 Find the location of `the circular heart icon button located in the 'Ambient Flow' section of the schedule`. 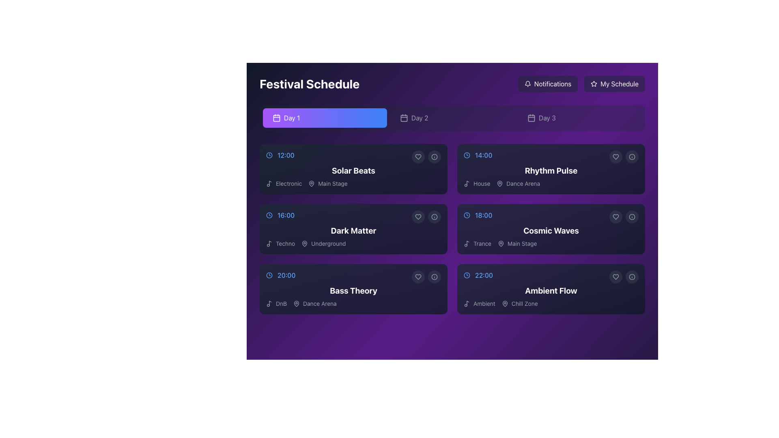

the circular heart icon button located in the 'Ambient Flow' section of the schedule is located at coordinates (615, 276).